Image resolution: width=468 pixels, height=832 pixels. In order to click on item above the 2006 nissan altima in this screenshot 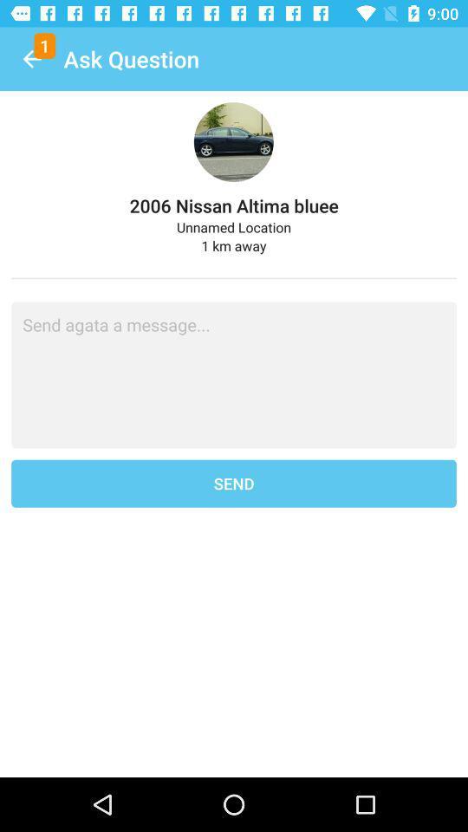, I will do `click(31, 59)`.